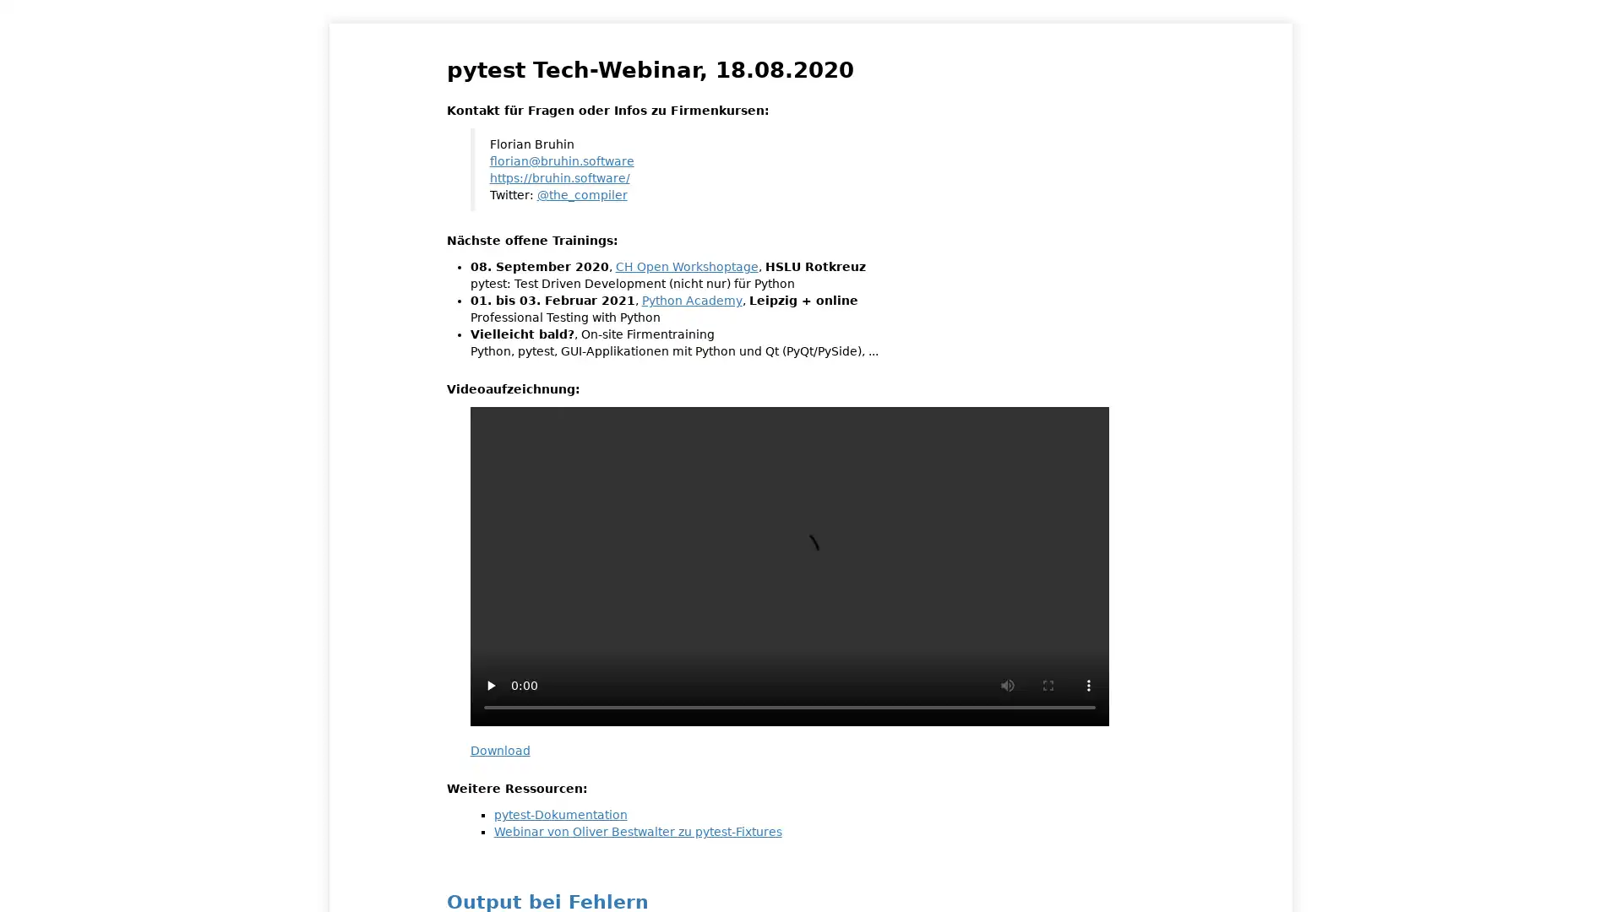 The width and height of the screenshot is (1622, 912). I want to click on show more media controls, so click(1087, 686).